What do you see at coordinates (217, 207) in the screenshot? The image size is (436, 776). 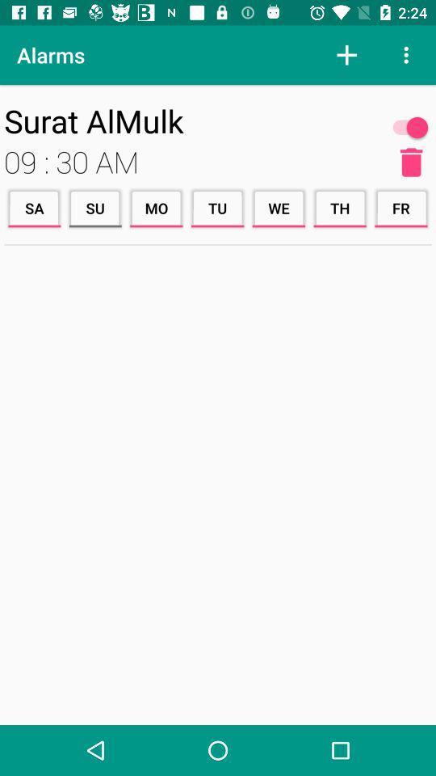 I see `item to the left of the we icon` at bounding box center [217, 207].